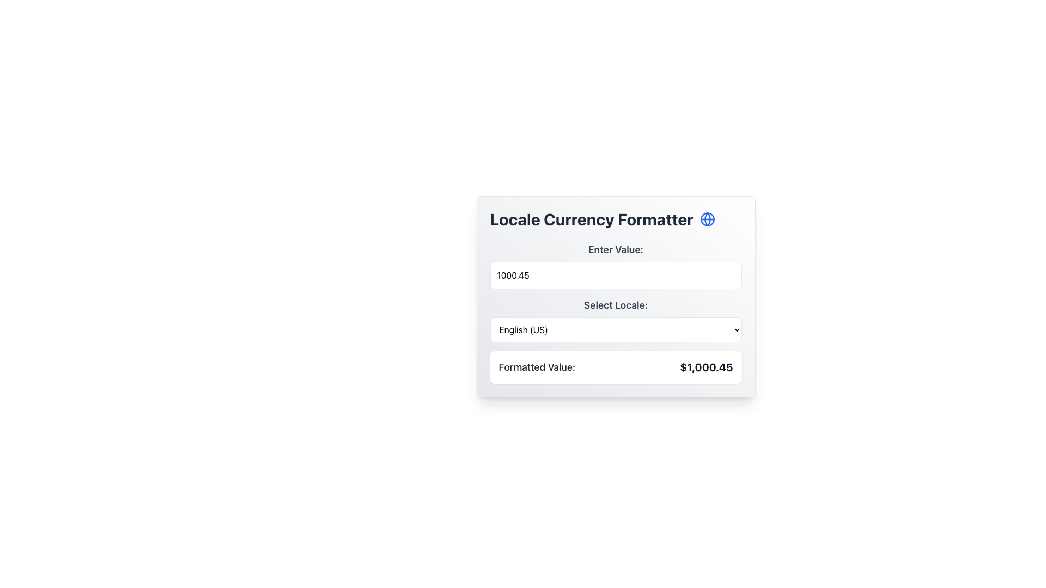  I want to click on the dropdown menu labeled 'Select Locale:' which currently displays 'English (US)', so click(616, 329).